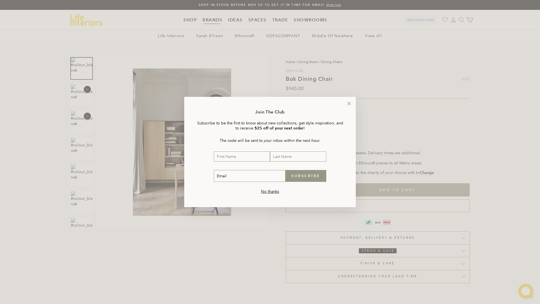  I want to click on 'Ethnicraft', so click(244, 36).